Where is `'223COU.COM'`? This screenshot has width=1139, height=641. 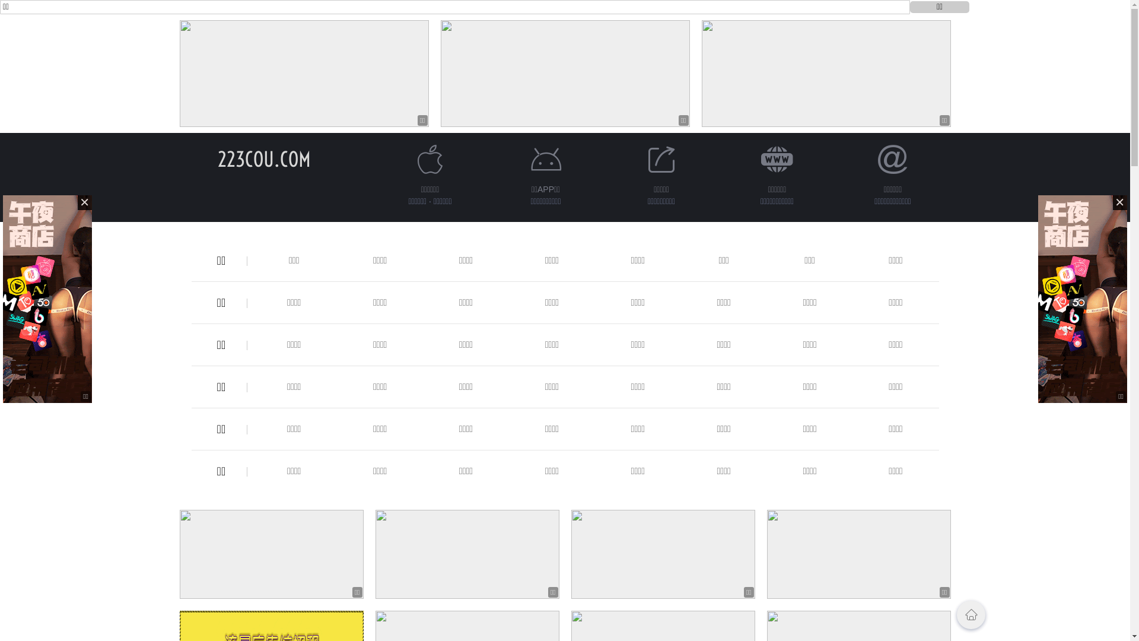 '223COU.COM' is located at coordinates (263, 158).